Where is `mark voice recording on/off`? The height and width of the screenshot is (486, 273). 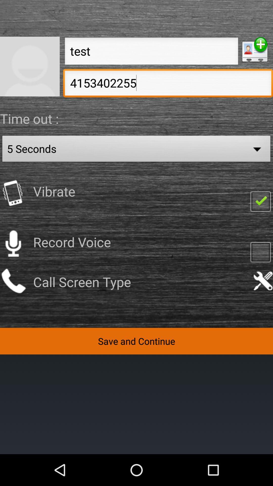
mark voice recording on/off is located at coordinates (260, 252).